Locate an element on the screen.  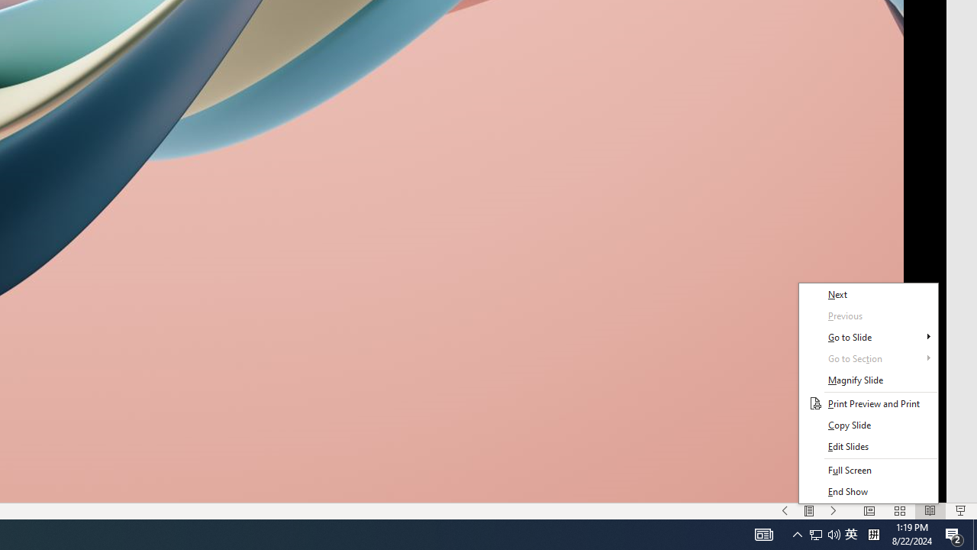
'Slide Show Previous On' is located at coordinates (785, 511).